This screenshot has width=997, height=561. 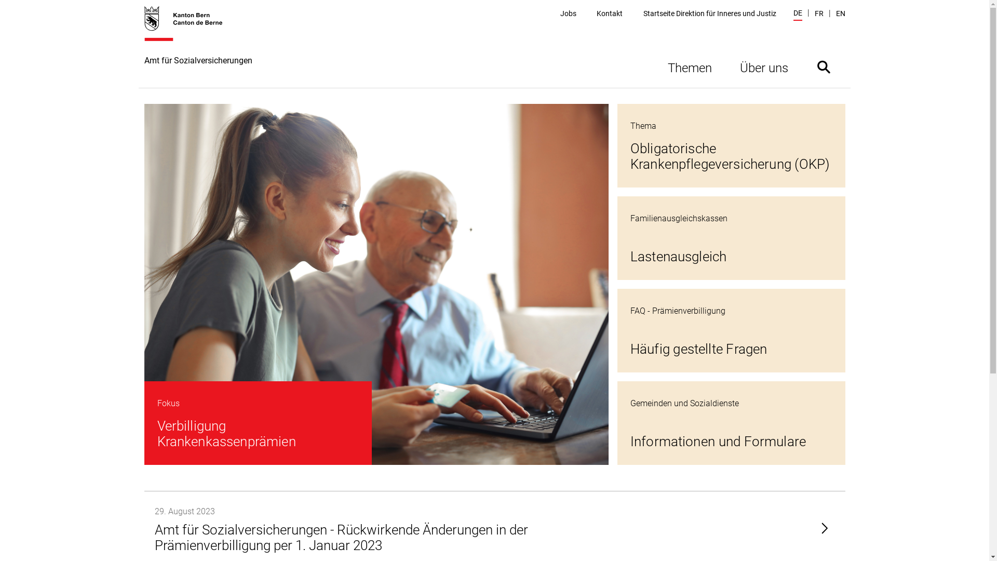 I want to click on 'DE', so click(x=797, y=14).